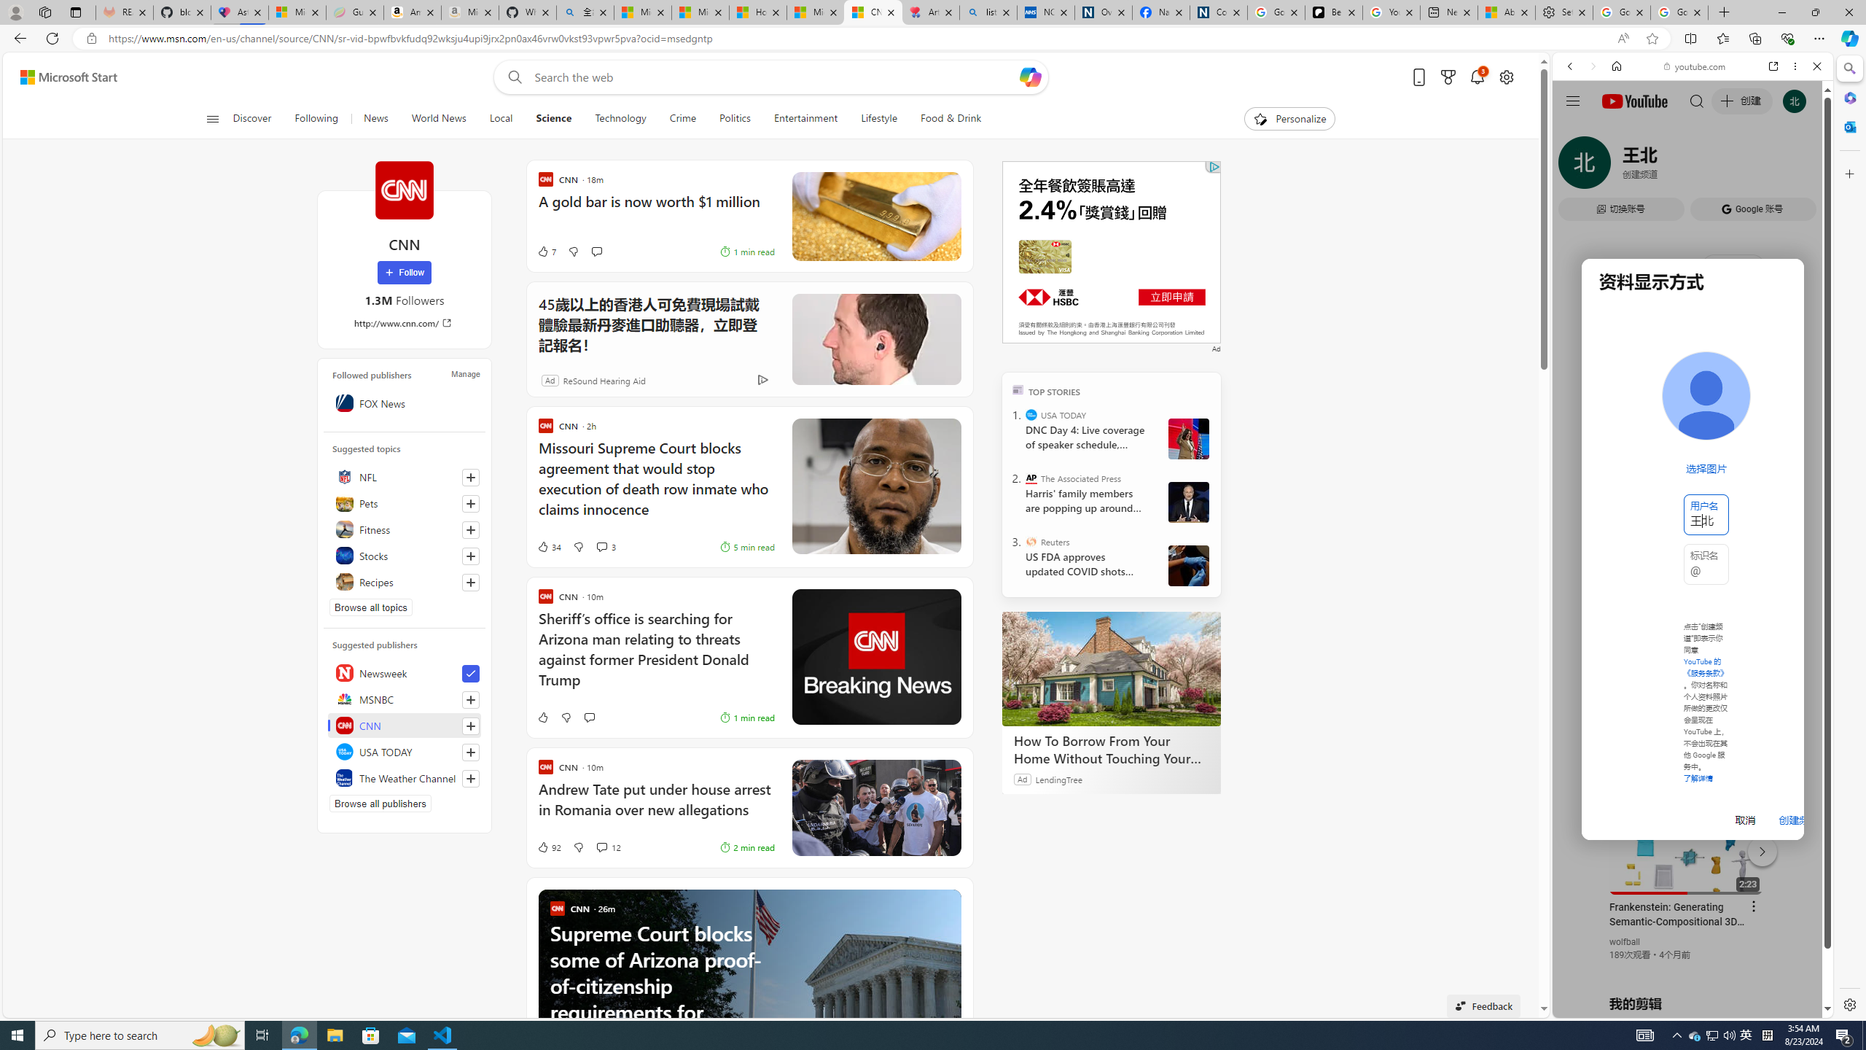 Image resolution: width=1866 pixels, height=1050 pixels. Describe the element at coordinates (1031, 414) in the screenshot. I see `'USA TODAY'` at that location.